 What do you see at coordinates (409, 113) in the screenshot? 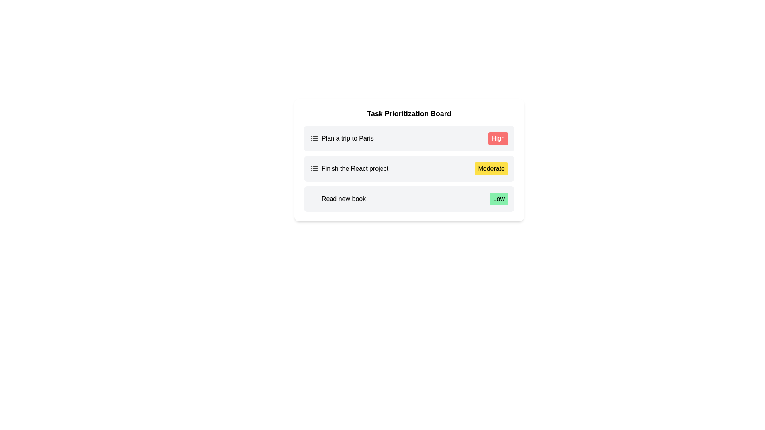
I see `the bold, black-colored header text stating 'Task Prioritization Board' to possibly trigger a tooltip or style change` at bounding box center [409, 113].